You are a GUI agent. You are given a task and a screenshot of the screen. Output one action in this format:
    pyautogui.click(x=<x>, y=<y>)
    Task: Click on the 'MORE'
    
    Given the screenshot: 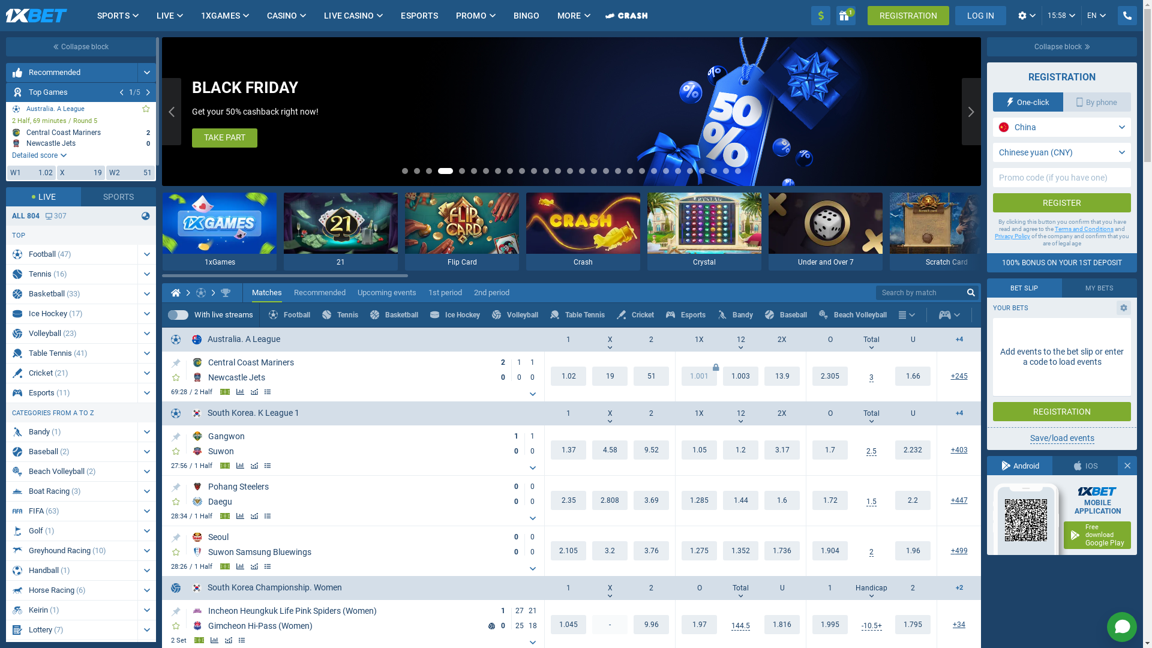 What is the action you would take?
    pyautogui.click(x=568, y=16)
    